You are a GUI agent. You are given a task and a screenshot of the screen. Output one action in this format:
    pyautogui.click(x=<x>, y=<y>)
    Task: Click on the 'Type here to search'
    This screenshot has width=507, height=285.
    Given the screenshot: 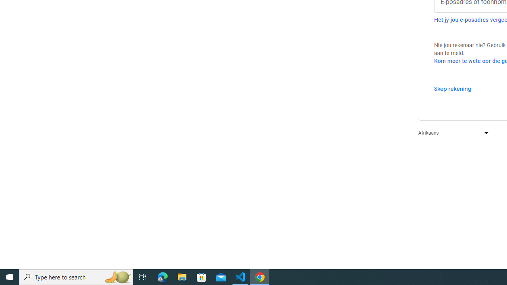 What is the action you would take?
    pyautogui.click(x=76, y=276)
    